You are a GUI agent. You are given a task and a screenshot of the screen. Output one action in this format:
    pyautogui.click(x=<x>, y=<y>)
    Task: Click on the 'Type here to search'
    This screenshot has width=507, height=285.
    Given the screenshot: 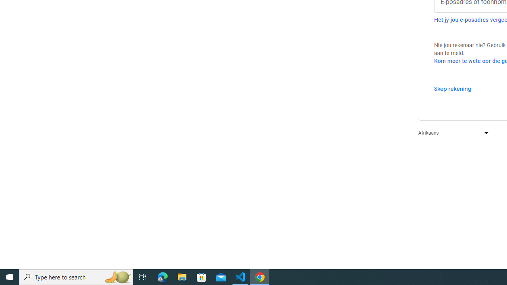 What is the action you would take?
    pyautogui.click(x=76, y=276)
    